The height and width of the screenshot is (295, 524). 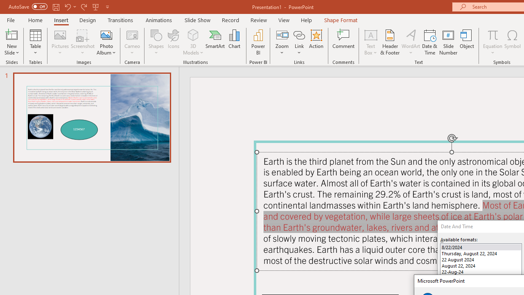 I want to click on 'Save', so click(x=55, y=7).